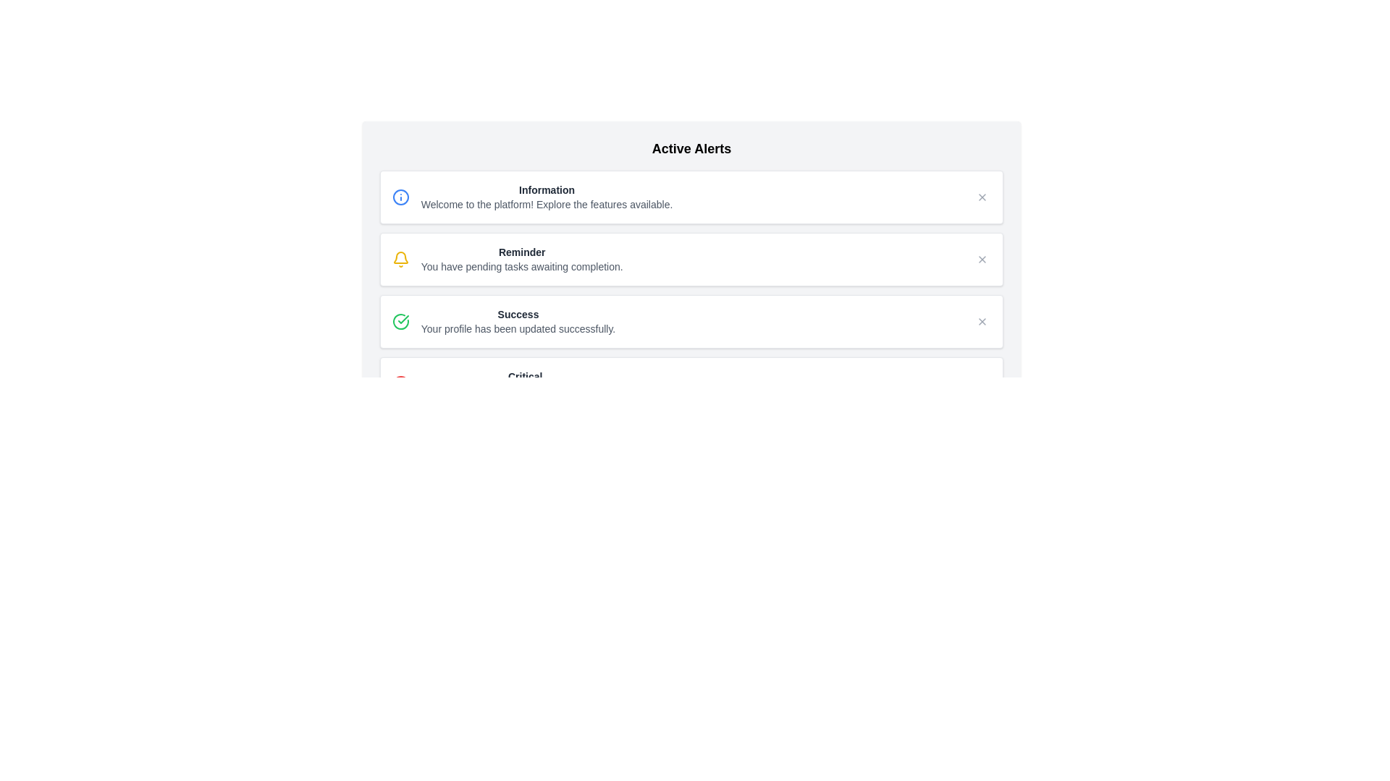  Describe the element at coordinates (524, 375) in the screenshot. I see `the static text label that displays the word 'Critical', which is bold and distinct, located at the top of the section that prompts users to verify their email` at that location.